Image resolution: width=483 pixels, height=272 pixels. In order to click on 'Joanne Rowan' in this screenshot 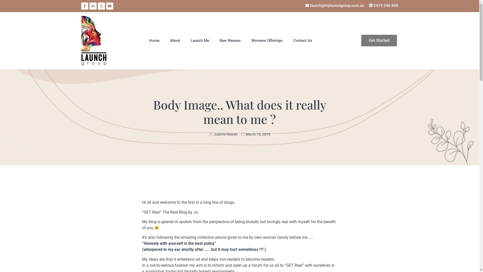, I will do `click(223, 134)`.